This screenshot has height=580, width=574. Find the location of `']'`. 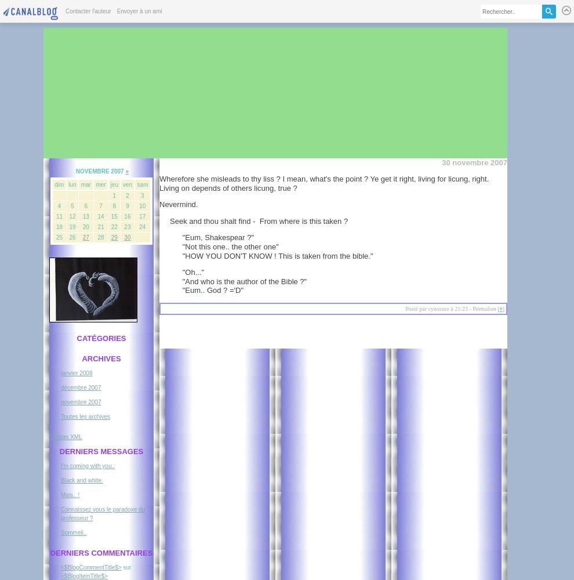

']' is located at coordinates (503, 308).